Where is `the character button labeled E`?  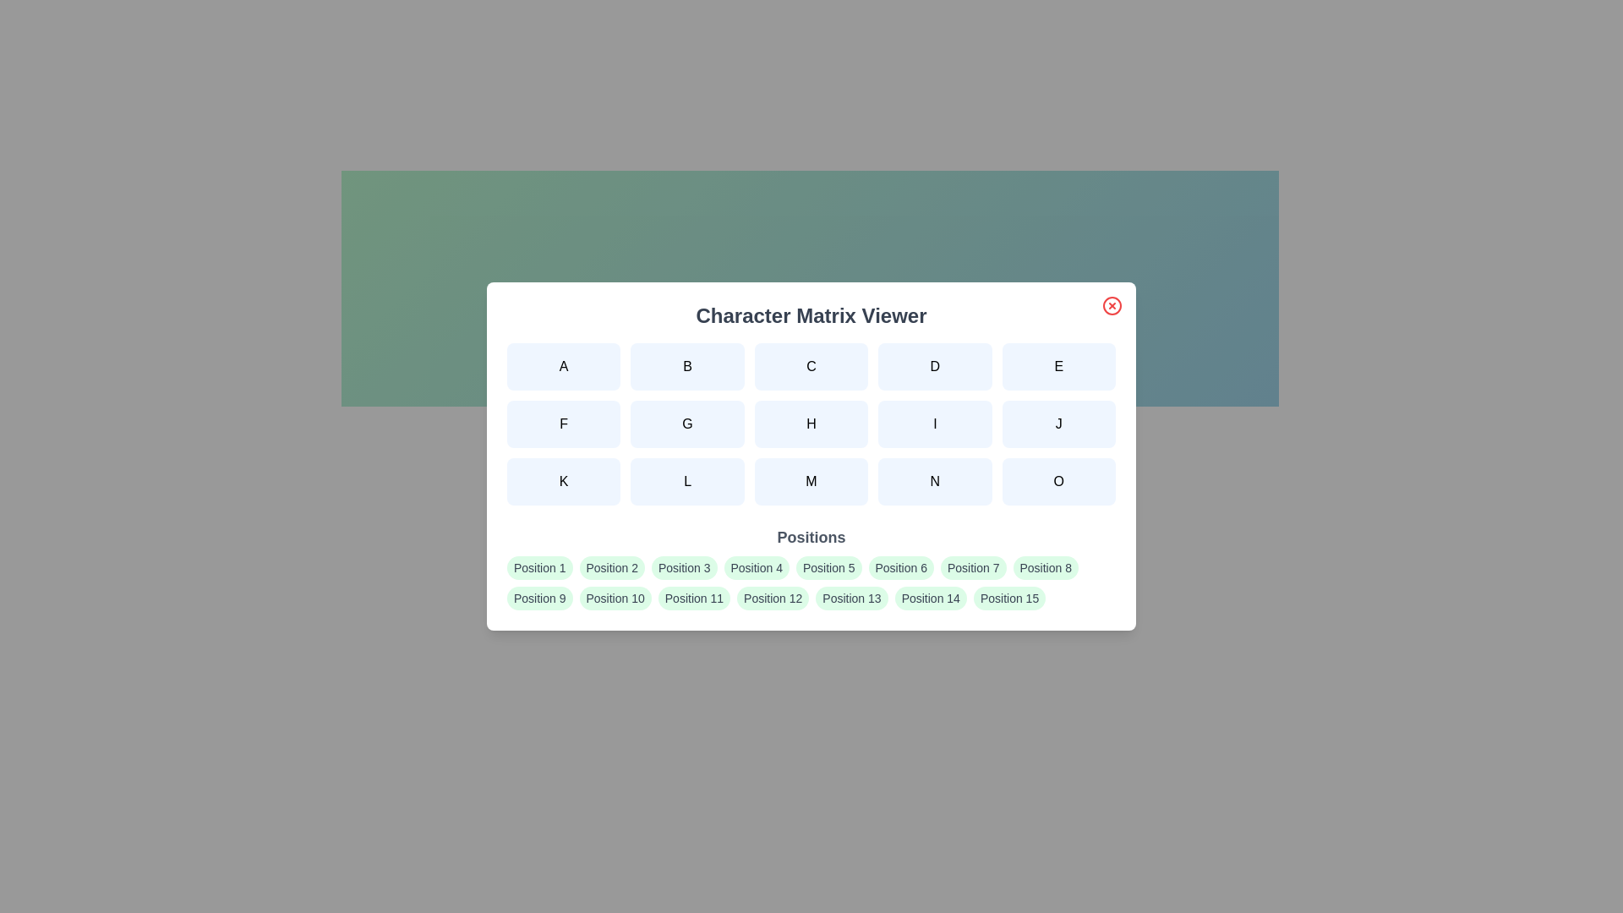
the character button labeled E is located at coordinates (1057, 366).